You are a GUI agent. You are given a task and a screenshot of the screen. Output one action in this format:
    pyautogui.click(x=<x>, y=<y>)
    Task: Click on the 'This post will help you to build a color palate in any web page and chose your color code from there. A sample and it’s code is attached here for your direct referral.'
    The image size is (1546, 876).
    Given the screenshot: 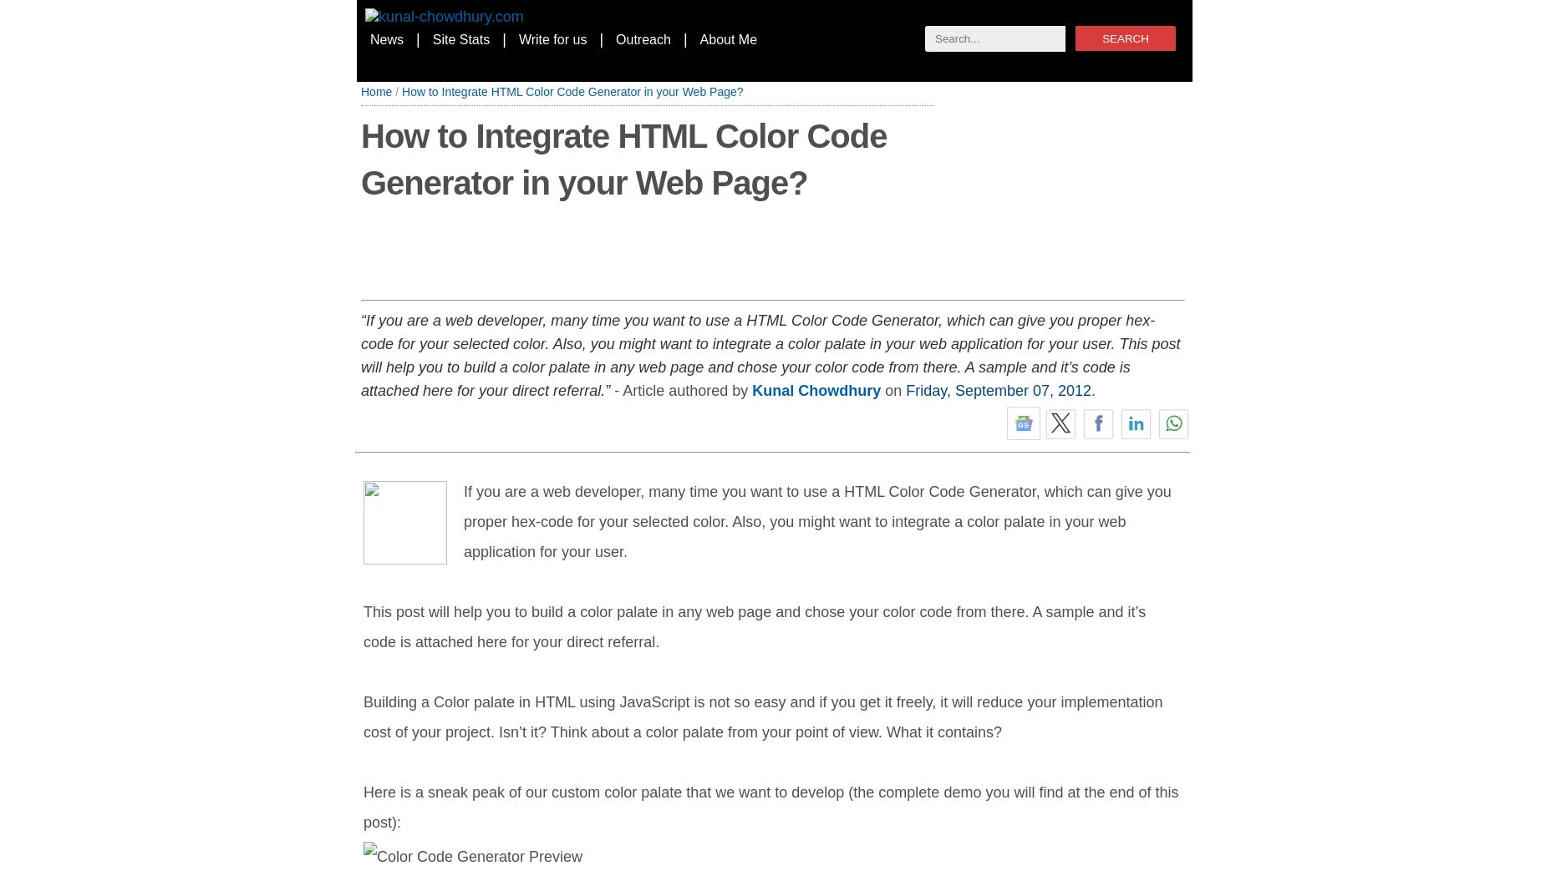 What is the action you would take?
    pyautogui.click(x=754, y=625)
    